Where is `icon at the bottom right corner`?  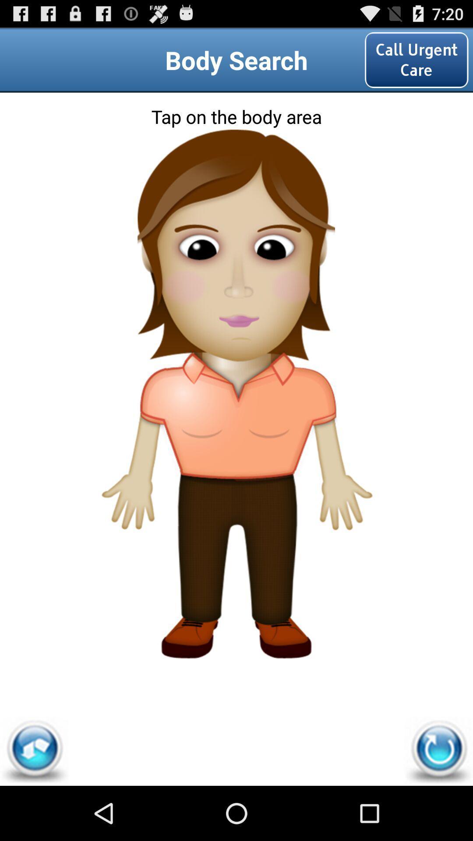
icon at the bottom right corner is located at coordinates (438, 751).